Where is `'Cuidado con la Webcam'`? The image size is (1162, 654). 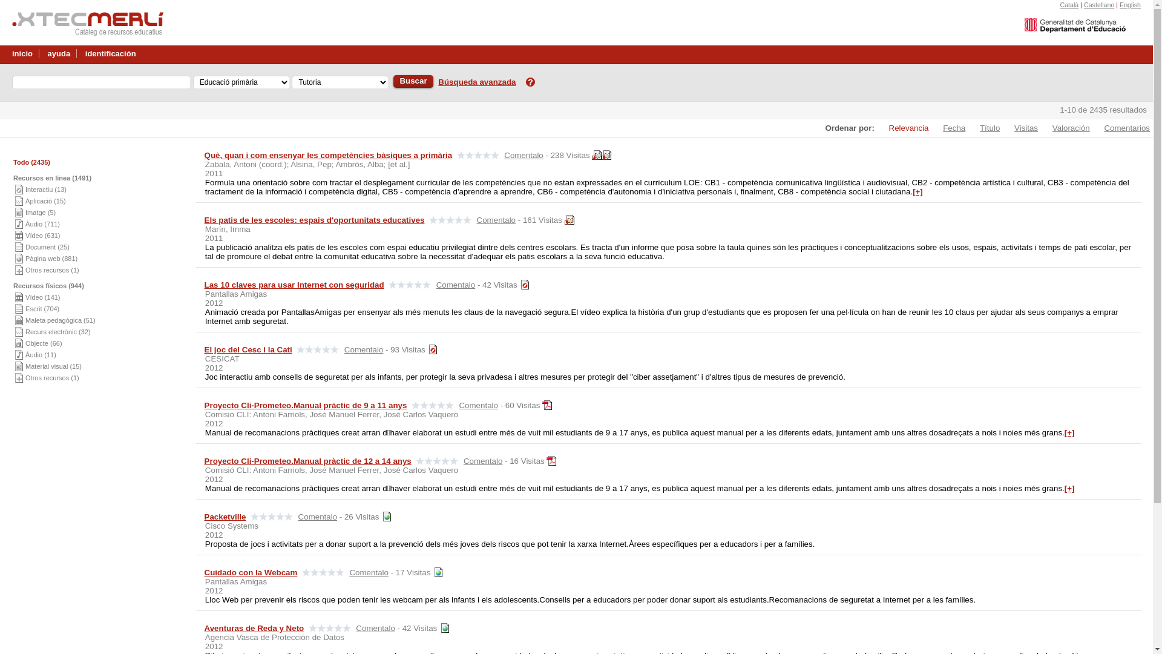 'Cuidado con la Webcam' is located at coordinates (204, 572).